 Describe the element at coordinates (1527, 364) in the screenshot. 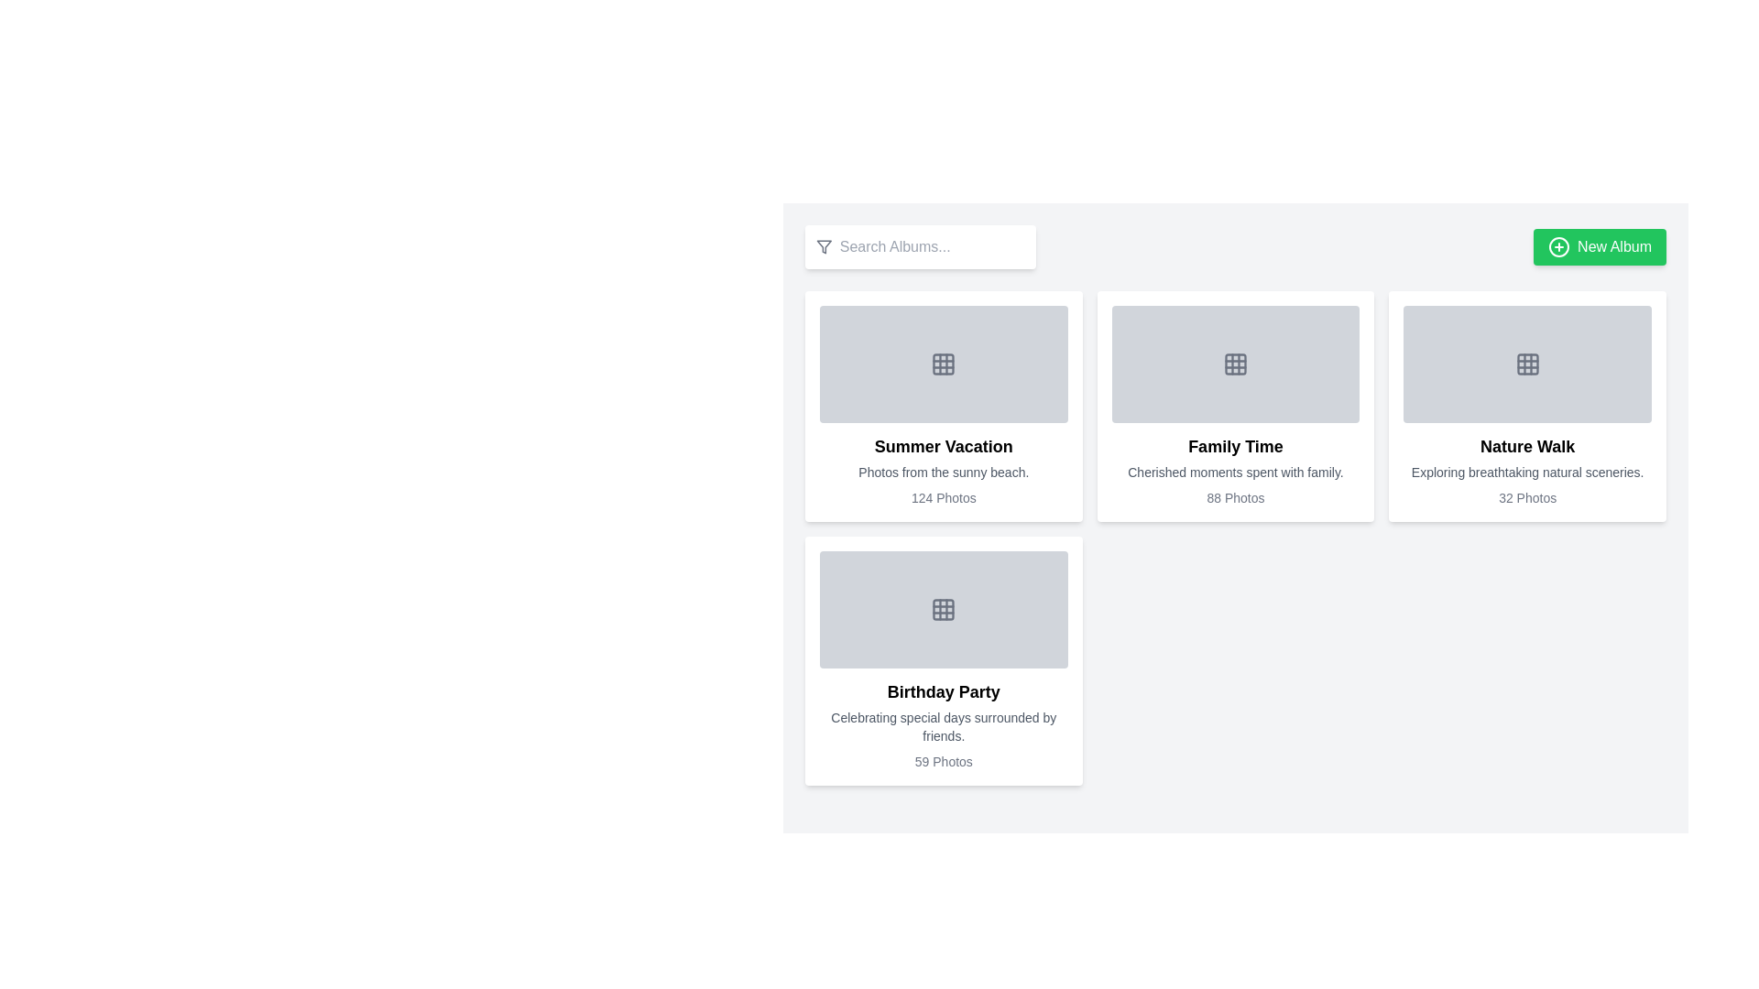

I see `the grid icon located in the top gray region of the 'Nature Walk' album card to interact with it` at that location.